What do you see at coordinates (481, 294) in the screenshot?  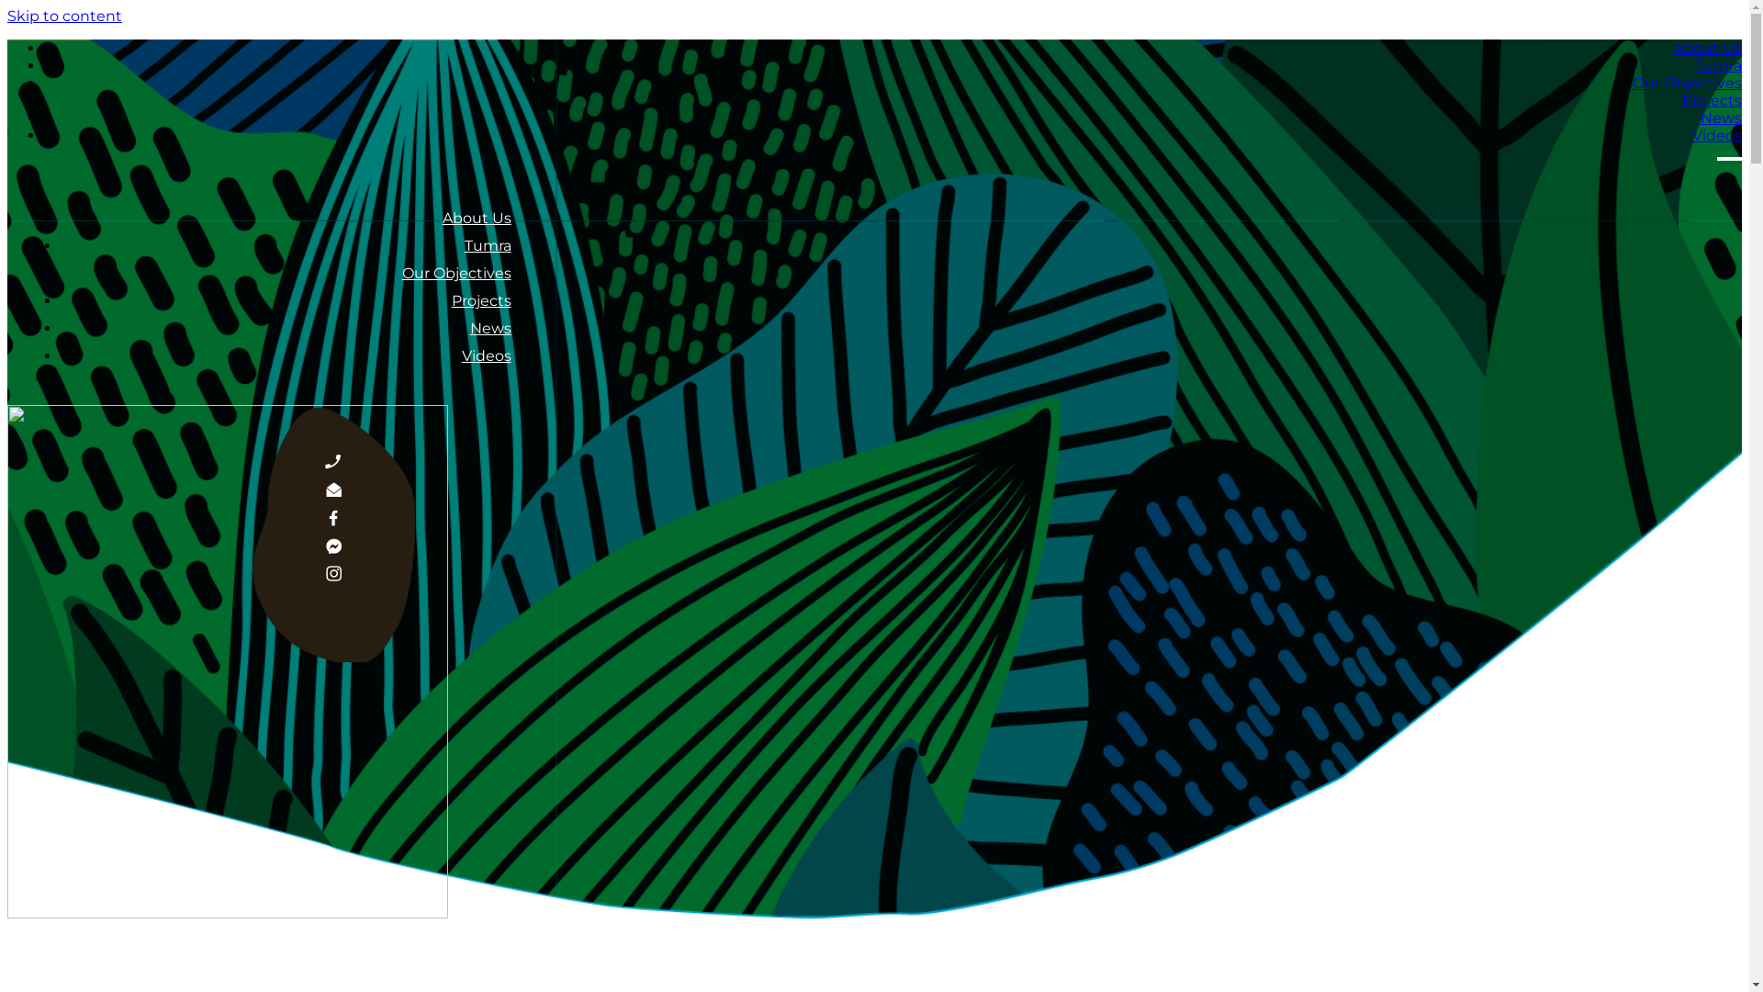 I see `'Projects'` at bounding box center [481, 294].